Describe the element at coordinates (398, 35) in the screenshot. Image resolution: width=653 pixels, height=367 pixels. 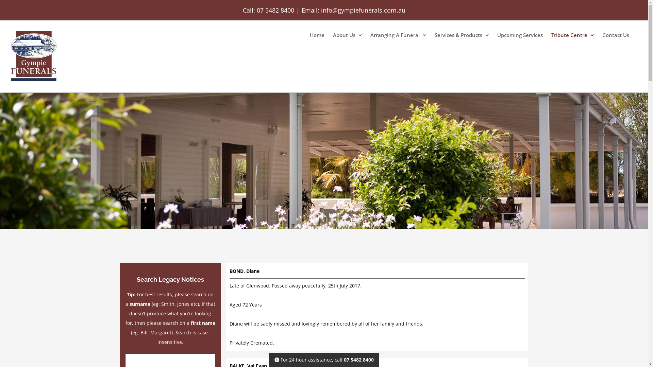
I see `'Arranging A Funeral'` at that location.